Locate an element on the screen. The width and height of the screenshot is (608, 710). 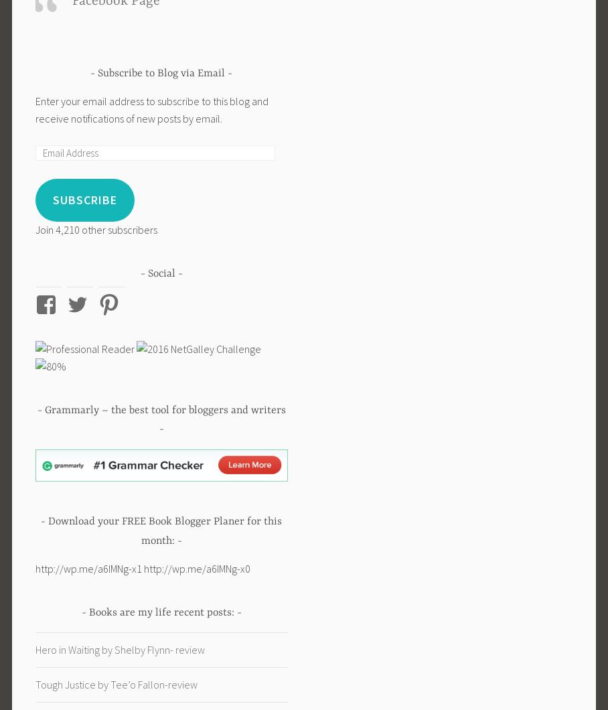
'Social' is located at coordinates (160, 273).